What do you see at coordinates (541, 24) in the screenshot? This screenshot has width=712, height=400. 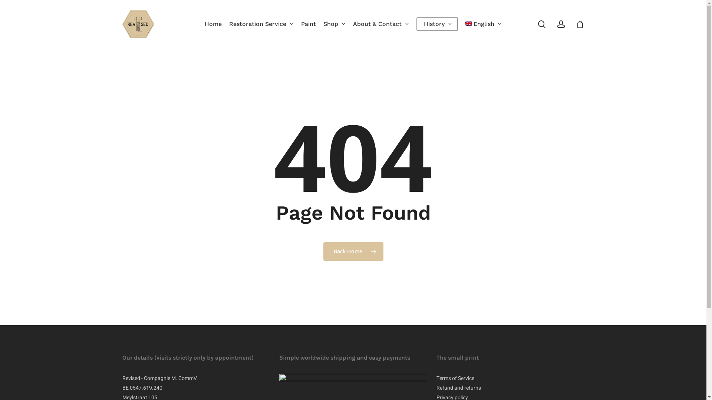 I see `'search'` at bounding box center [541, 24].